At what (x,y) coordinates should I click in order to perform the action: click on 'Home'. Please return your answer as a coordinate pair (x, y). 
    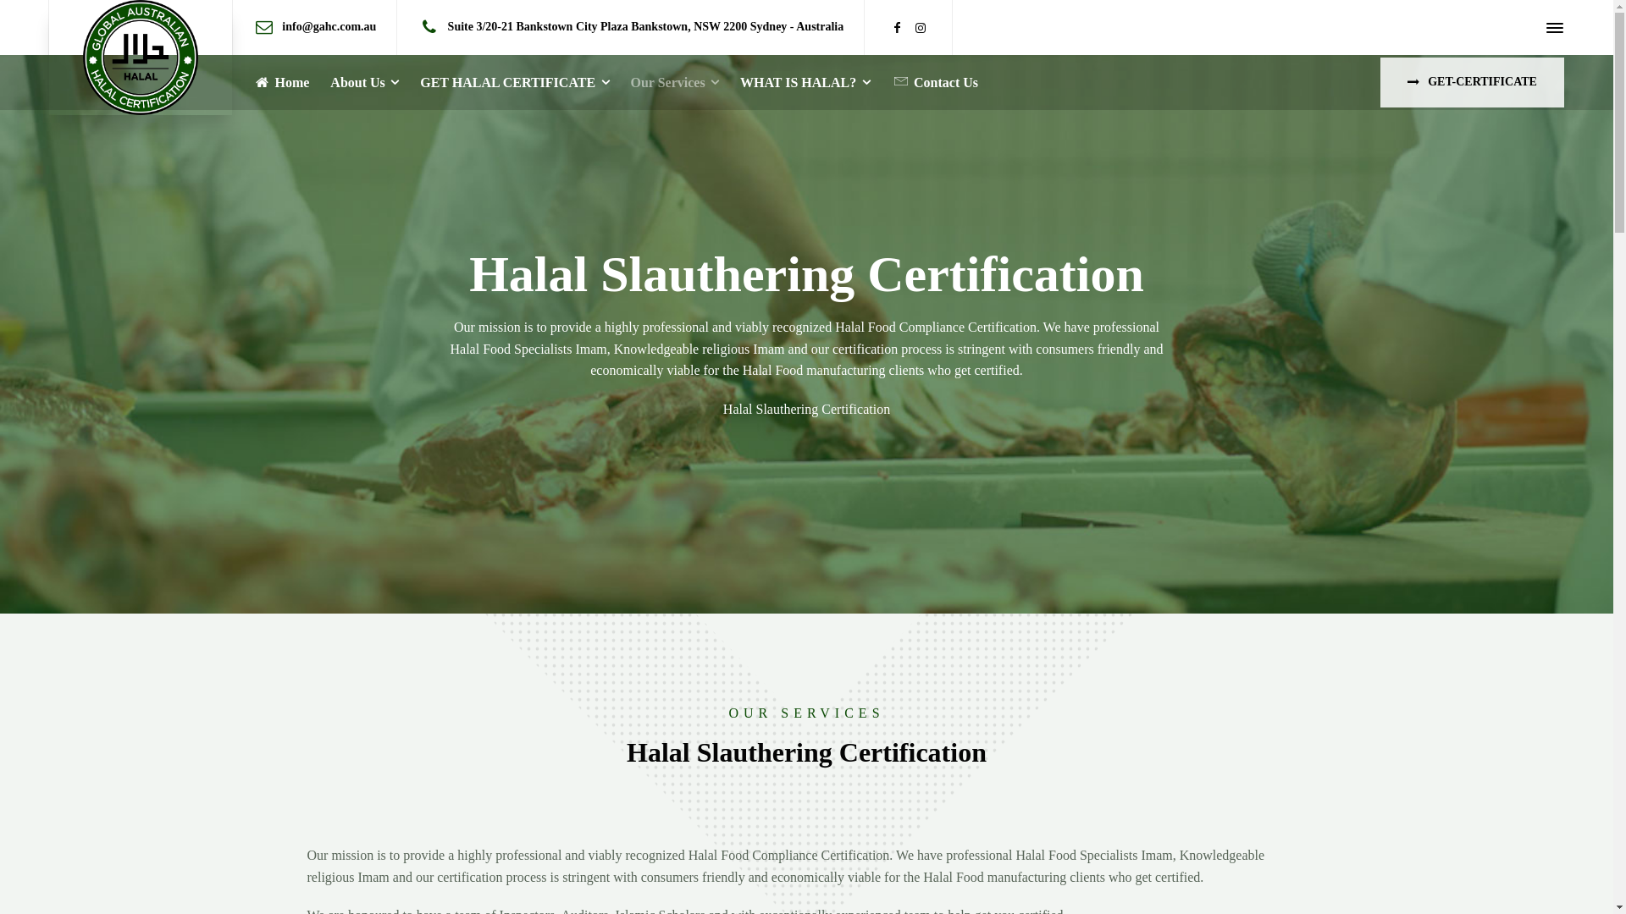
    Looking at the image, I should click on (280, 82).